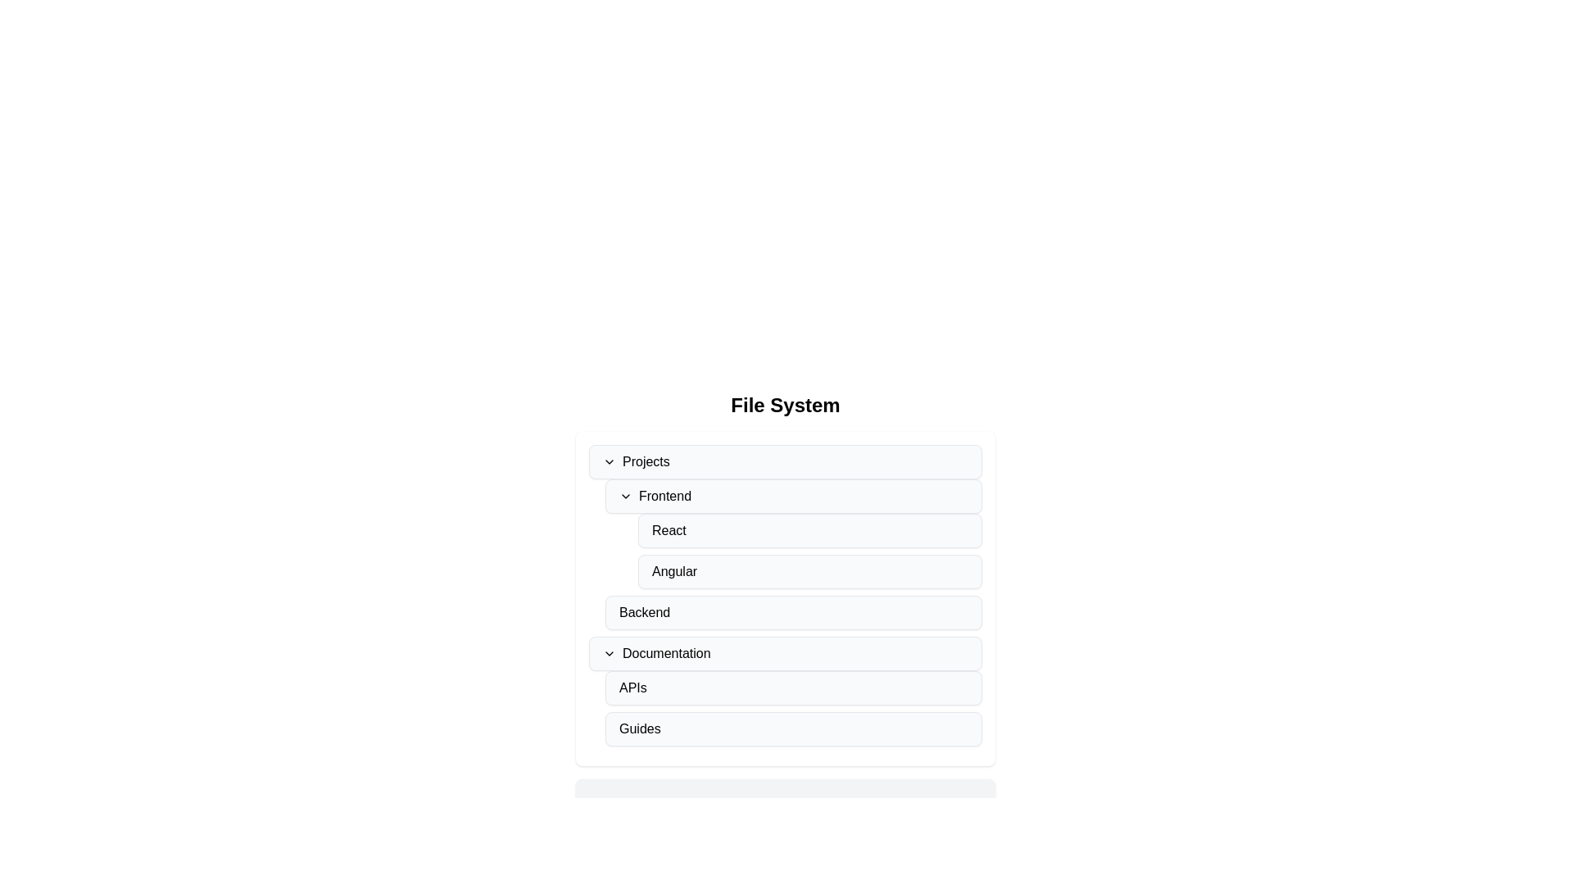 The image size is (1573, 885). Describe the element at coordinates (794, 688) in the screenshot. I see `the button labeled 'APIs' located in the 'Documentation' section` at that location.